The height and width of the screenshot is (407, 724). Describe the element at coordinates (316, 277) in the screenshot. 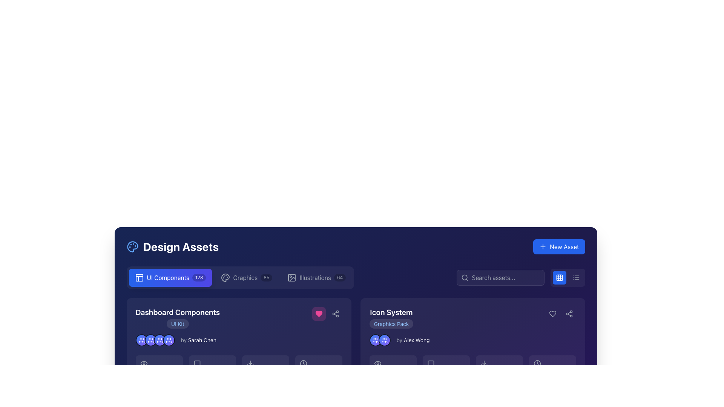

I see `the navigation button with a badge labeled 'Illustrations'` at that location.